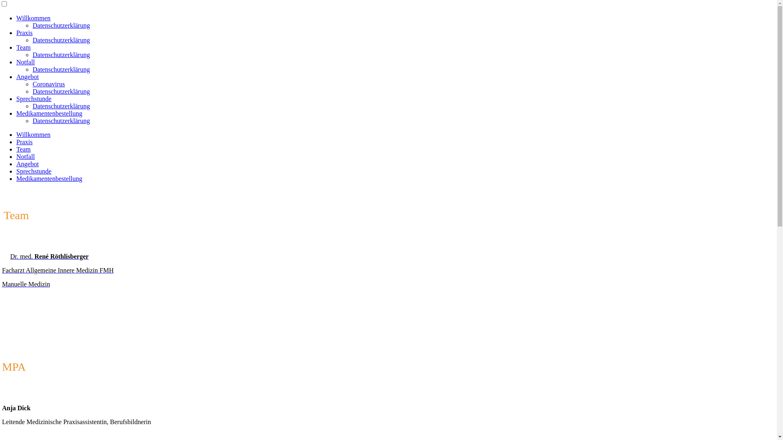 This screenshot has width=783, height=440. Describe the element at coordinates (49, 113) in the screenshot. I see `'Medikamentenbestellung'` at that location.